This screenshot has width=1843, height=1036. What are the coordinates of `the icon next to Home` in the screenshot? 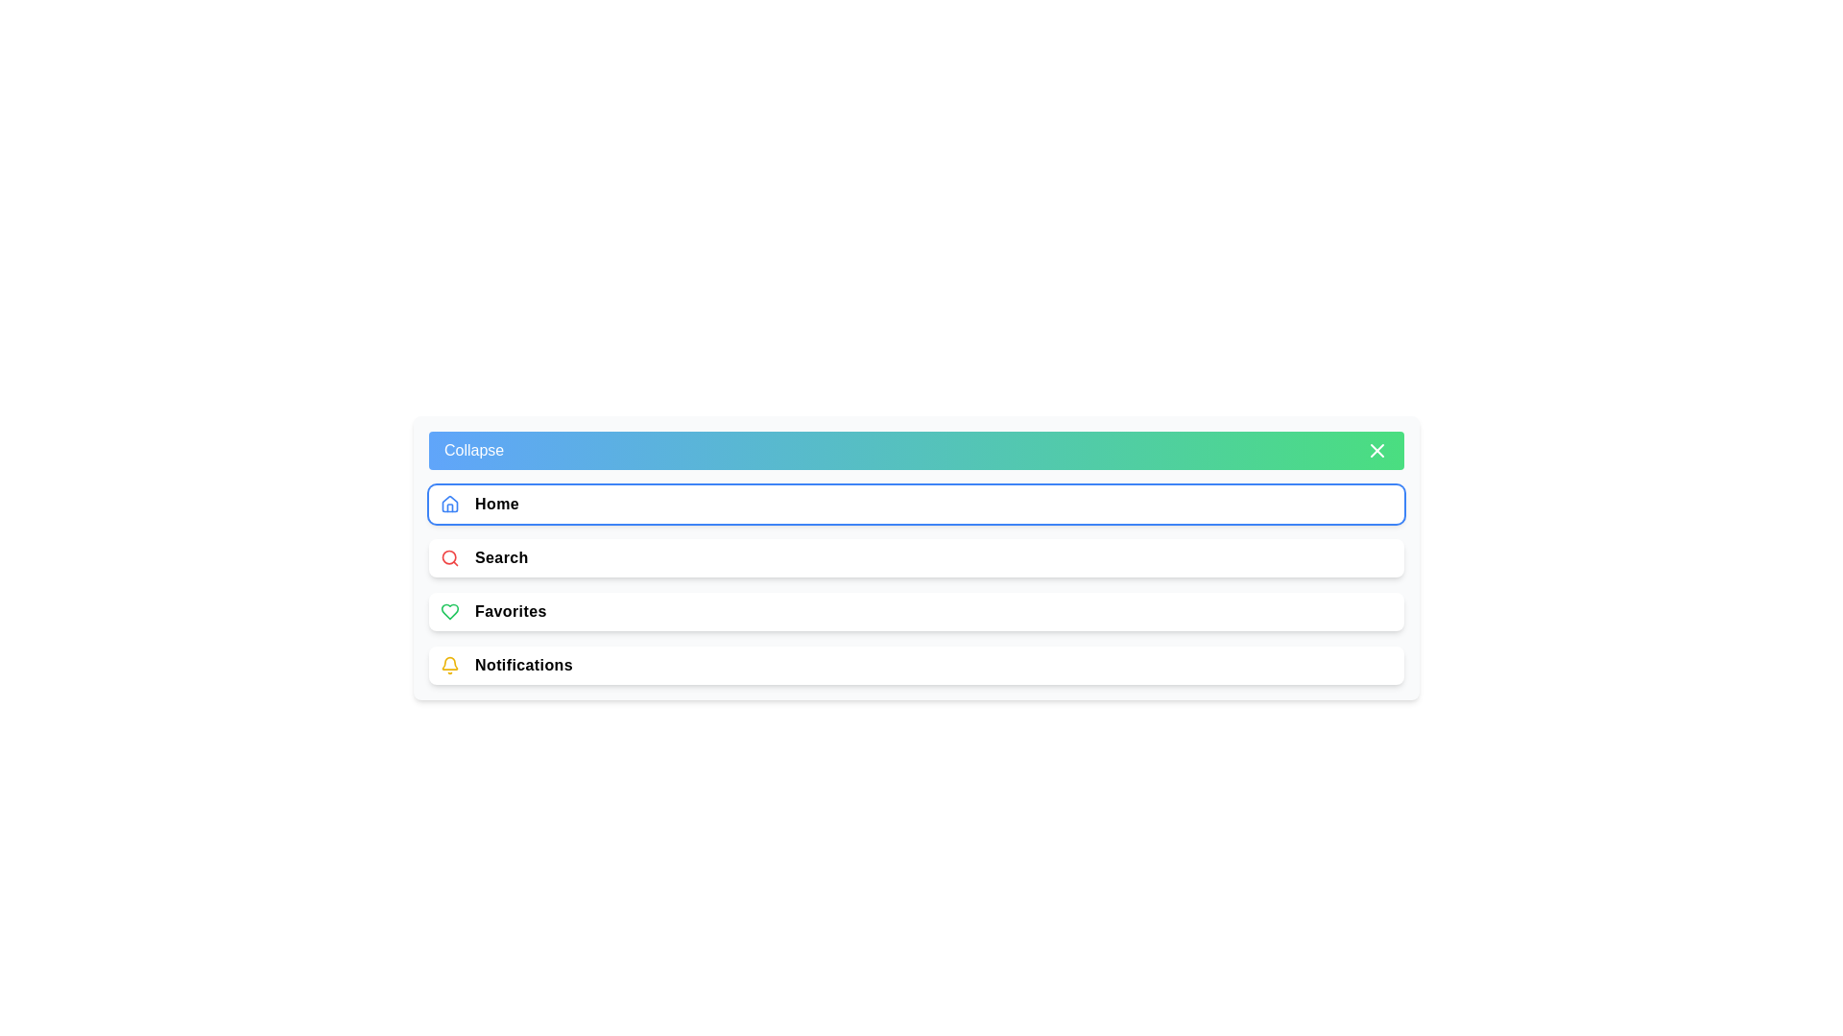 It's located at (449, 503).